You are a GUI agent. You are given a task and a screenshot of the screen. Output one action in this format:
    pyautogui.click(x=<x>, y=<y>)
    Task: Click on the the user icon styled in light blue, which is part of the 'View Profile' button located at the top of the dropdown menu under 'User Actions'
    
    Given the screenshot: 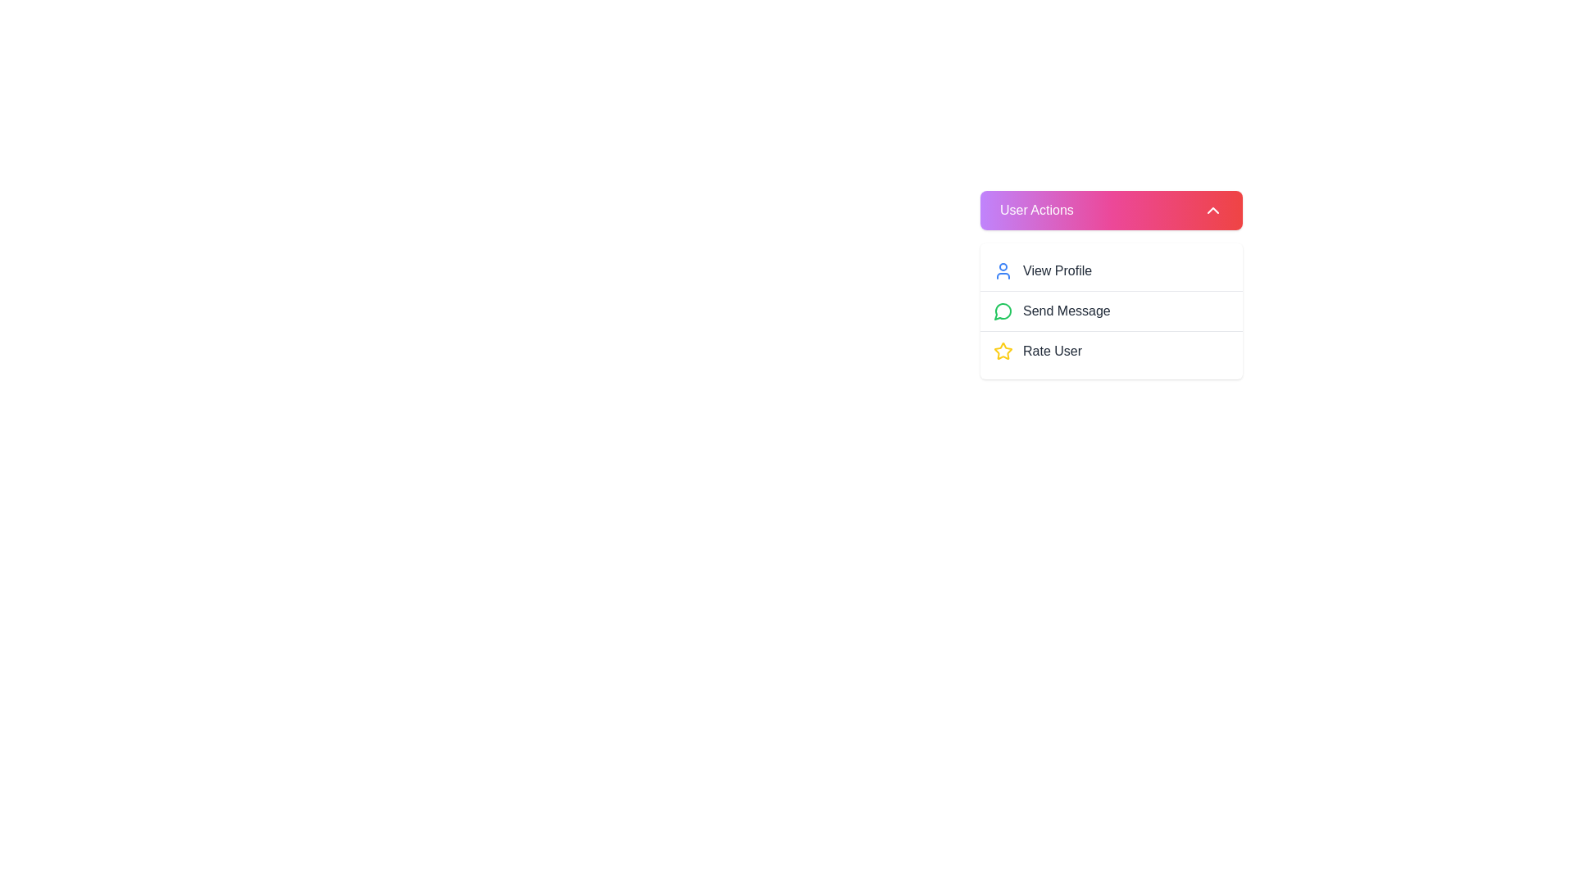 What is the action you would take?
    pyautogui.click(x=1003, y=270)
    